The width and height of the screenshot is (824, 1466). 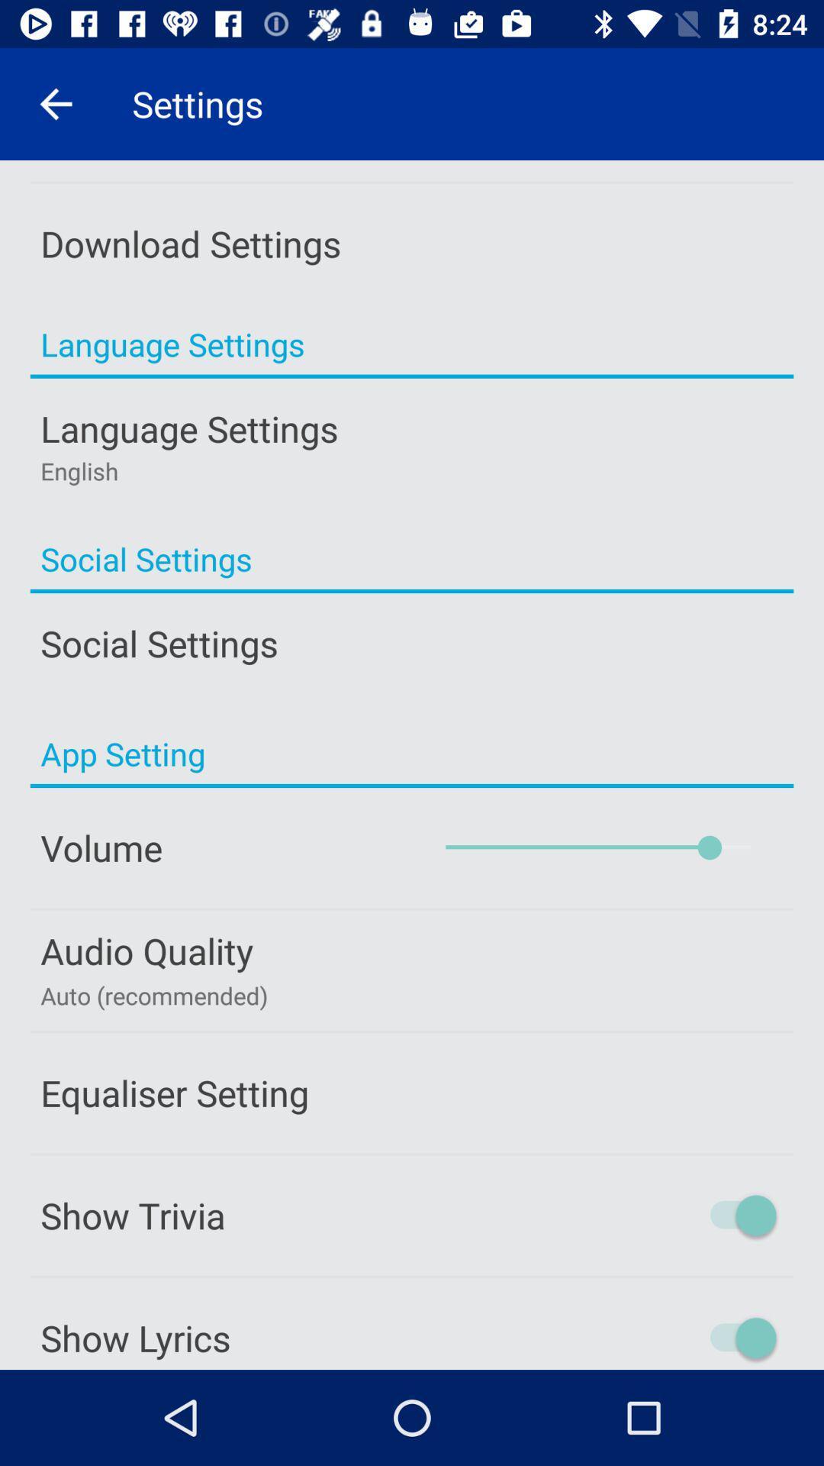 What do you see at coordinates (412, 1092) in the screenshot?
I see `equaliser setting` at bounding box center [412, 1092].